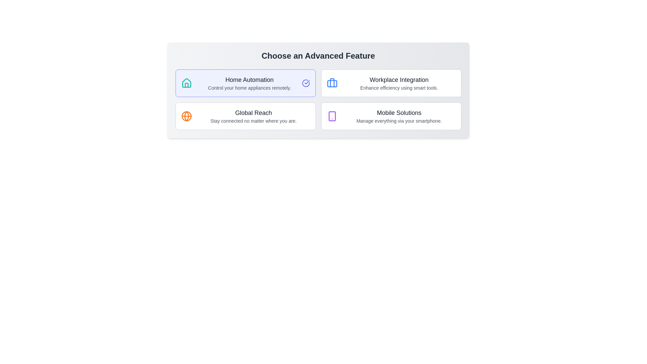 This screenshot has height=364, width=647. I want to click on the central vertical line of the briefcase icon, which represents workplace integration and is visually aligned above the text 'Workplace Integration', so click(332, 82).